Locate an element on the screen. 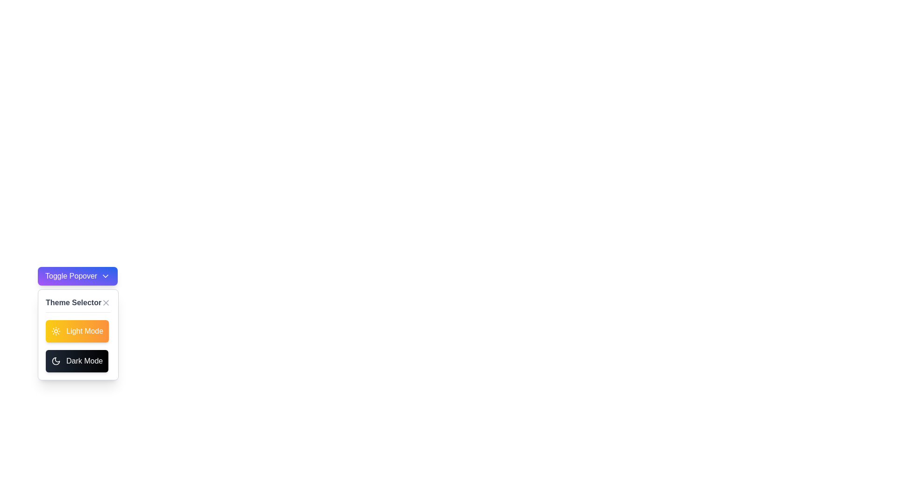 Image resolution: width=897 pixels, height=504 pixels. the crescent moon icon within the 'Dark Mode' button located in the dropdown menu is located at coordinates (56, 361).